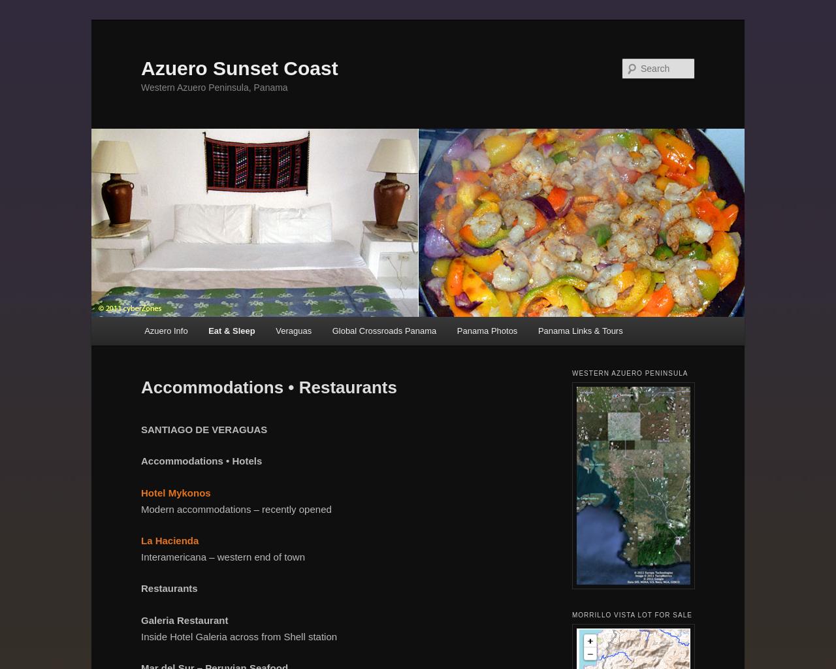 The height and width of the screenshot is (669, 836). Describe the element at coordinates (184, 620) in the screenshot. I see `'Galeria Restaurant'` at that location.